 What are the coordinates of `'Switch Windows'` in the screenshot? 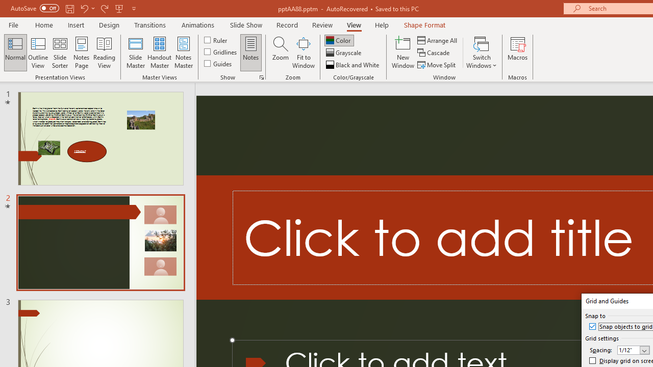 It's located at (481, 53).